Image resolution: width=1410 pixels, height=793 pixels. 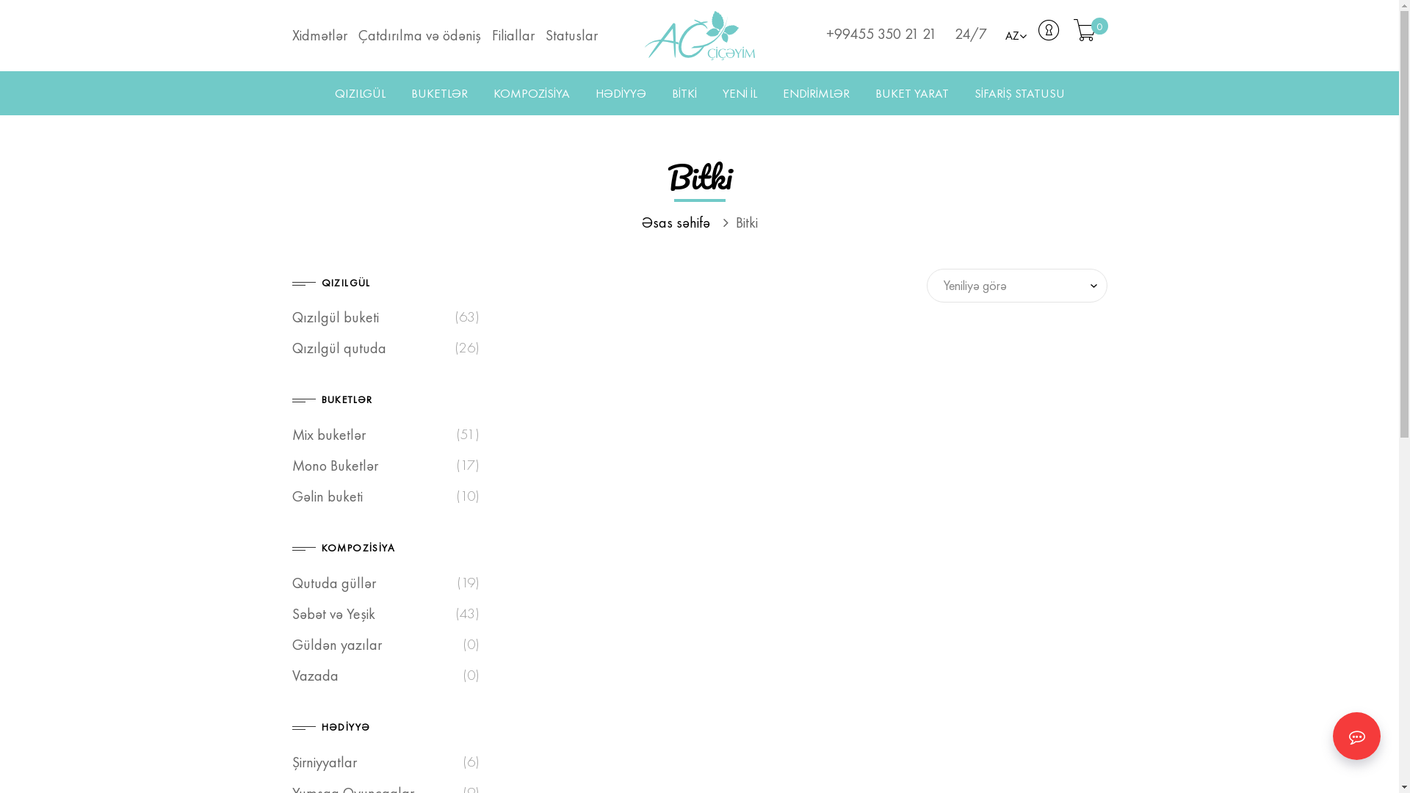 What do you see at coordinates (683, 93) in the screenshot?
I see `'BITKI'` at bounding box center [683, 93].